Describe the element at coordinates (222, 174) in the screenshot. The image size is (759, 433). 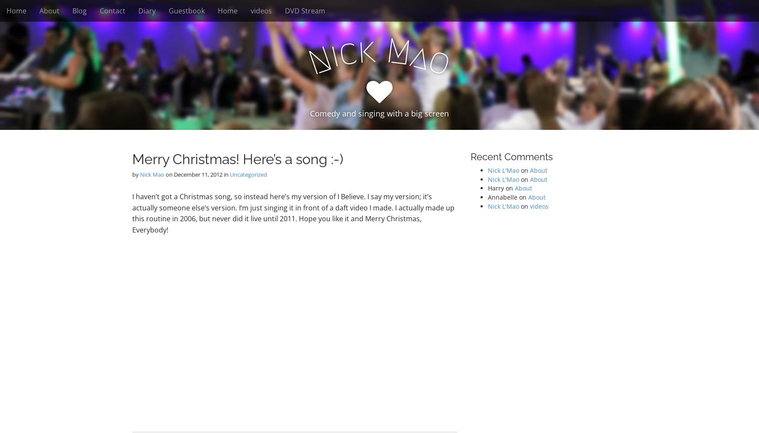
I see `'in'` at that location.